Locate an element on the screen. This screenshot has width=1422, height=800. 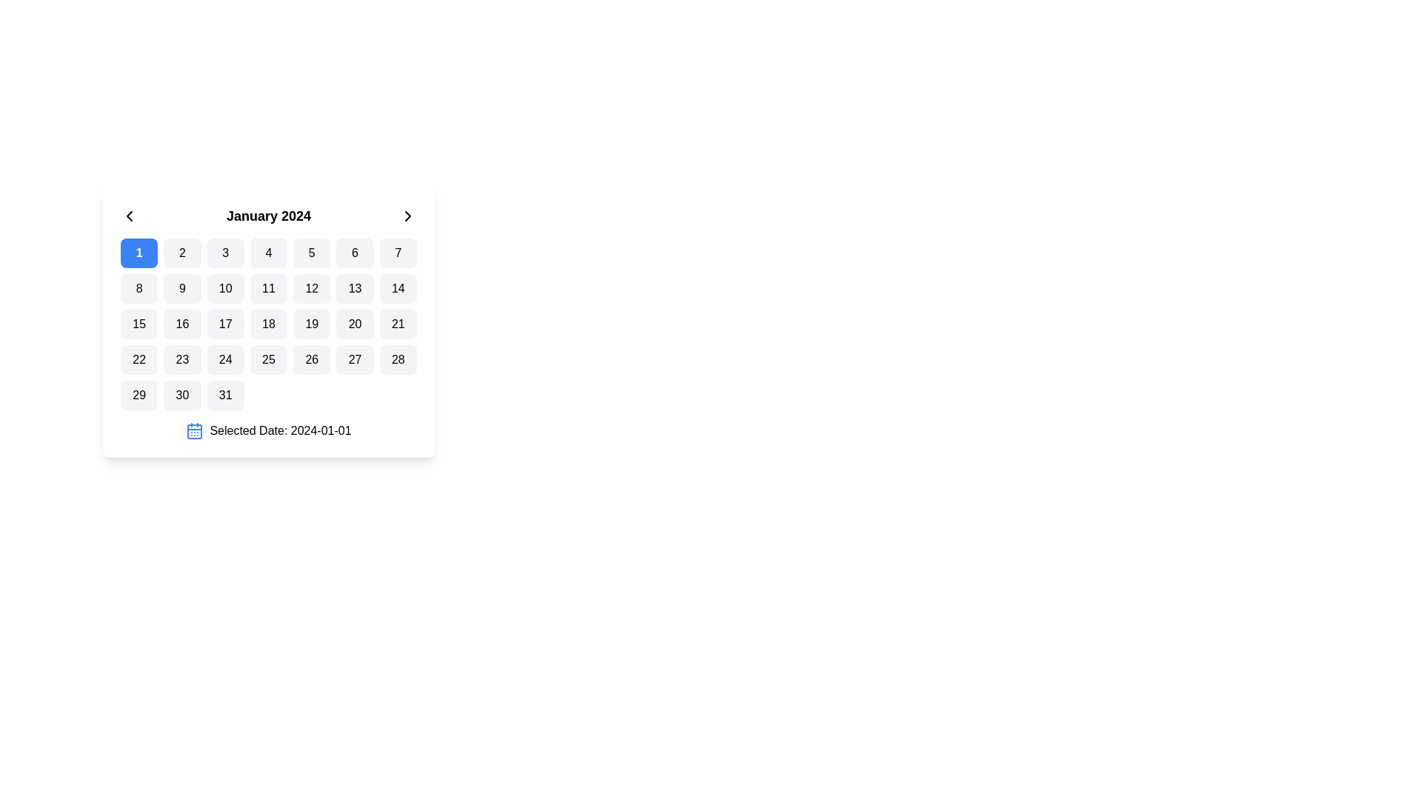
the decorative rectangle within the calendar icon, which is blue and white and located below the calendar table is located at coordinates (194, 431).